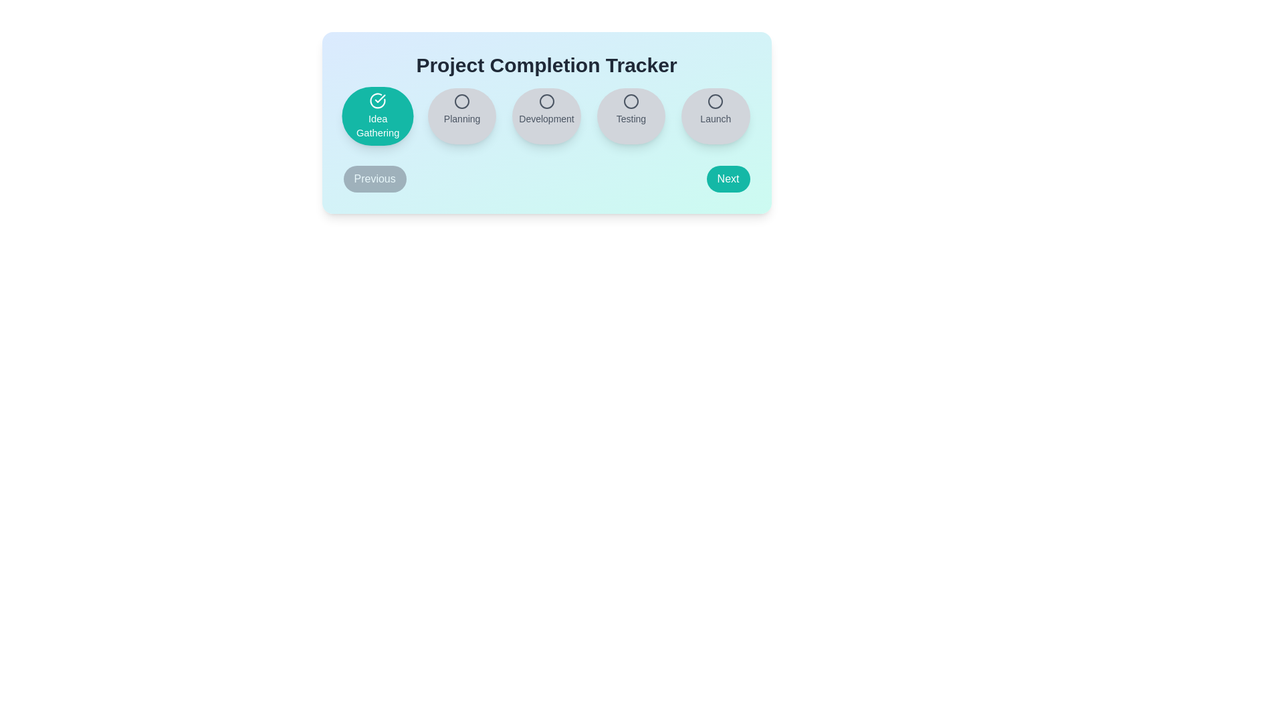 Image resolution: width=1284 pixels, height=722 pixels. Describe the element at coordinates (462, 100) in the screenshot. I see `the Circular SVG marker representing the 'Planning' stage in the progress tracker, located between 'Idea Gathering' and 'Development'` at that location.